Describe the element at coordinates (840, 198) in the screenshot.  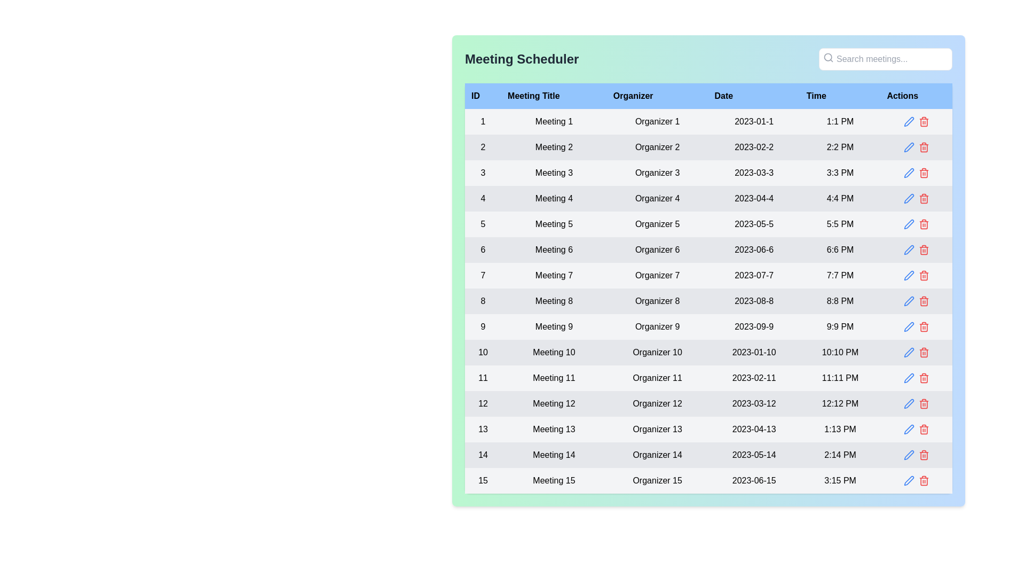
I see `the text display showing '4:4 PM' located in the 'Time' column under the row labeled 'Organizer 4' and '2023-04-4'` at that location.